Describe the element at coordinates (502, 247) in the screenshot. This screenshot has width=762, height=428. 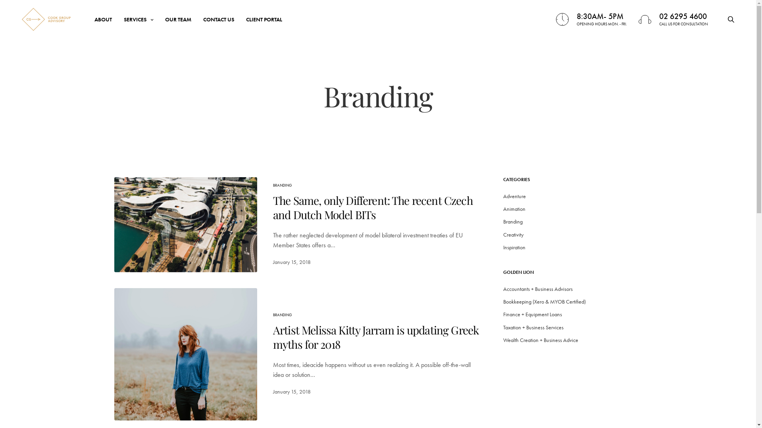
I see `'Inspiration'` at that location.